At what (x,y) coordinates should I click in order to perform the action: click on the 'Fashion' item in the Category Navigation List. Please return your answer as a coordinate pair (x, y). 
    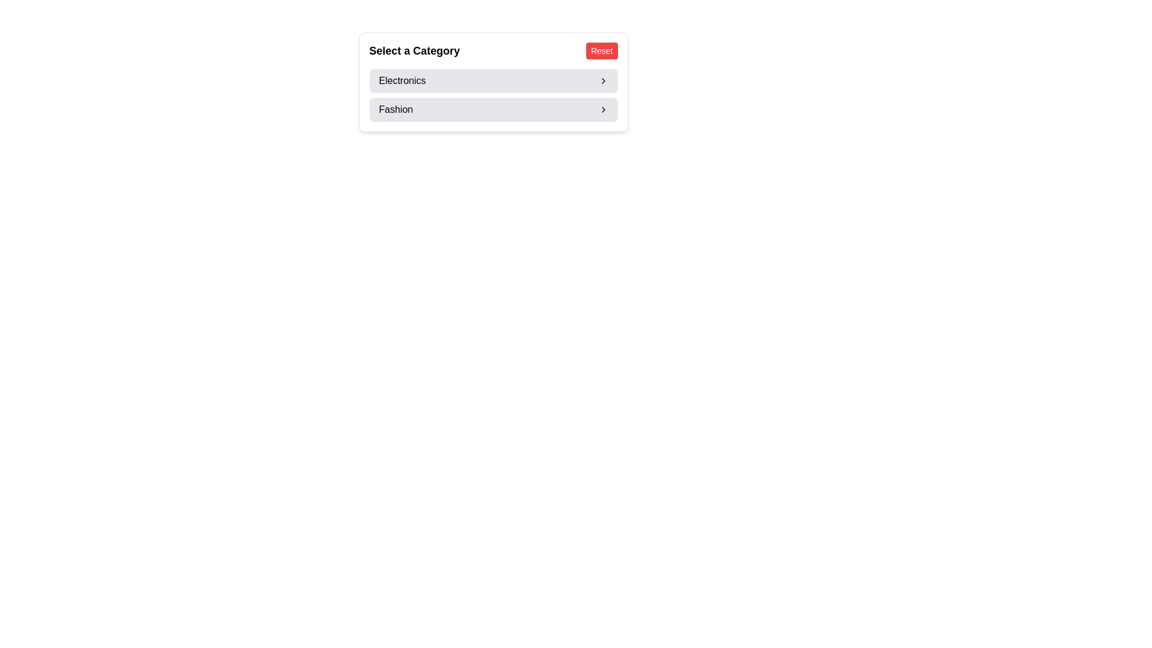
    Looking at the image, I should click on (493, 94).